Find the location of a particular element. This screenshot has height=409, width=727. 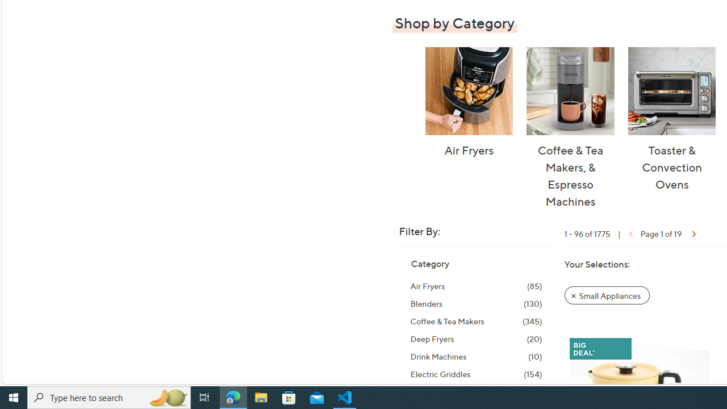

'Air Fryers, 85 items' is located at coordinates (476, 285).